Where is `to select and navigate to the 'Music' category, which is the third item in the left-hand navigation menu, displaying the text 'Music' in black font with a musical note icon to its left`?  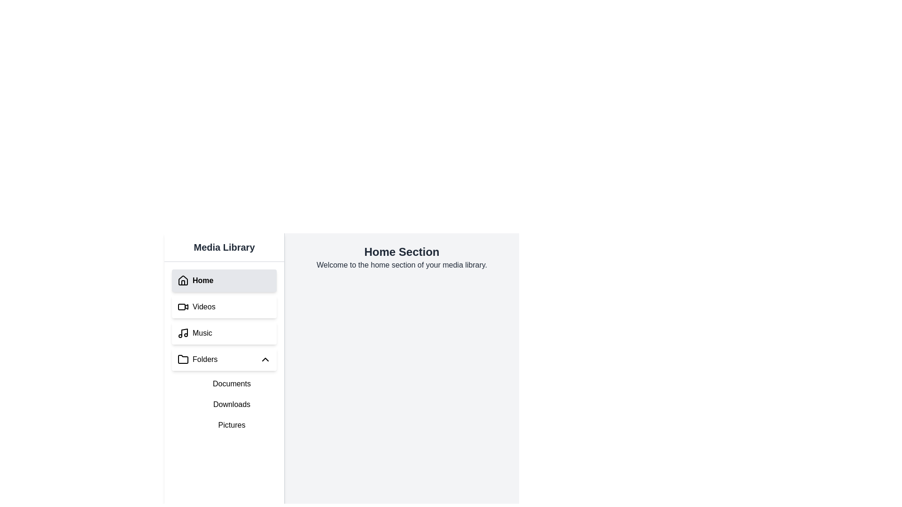
to select and navigate to the 'Music' category, which is the third item in the left-hand navigation menu, displaying the text 'Music' in black font with a musical note icon to its left is located at coordinates (202, 332).